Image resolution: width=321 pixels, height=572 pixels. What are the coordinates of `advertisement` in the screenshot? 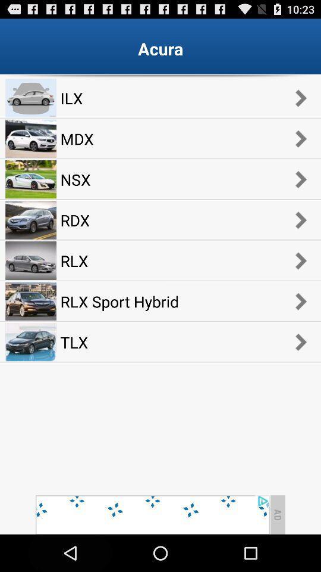 It's located at (152, 514).